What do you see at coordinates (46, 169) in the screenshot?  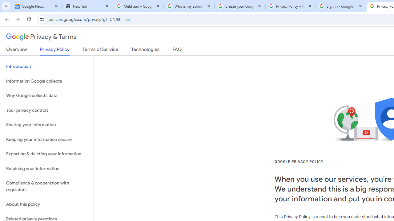 I see `'Retaining your information'` at bounding box center [46, 169].